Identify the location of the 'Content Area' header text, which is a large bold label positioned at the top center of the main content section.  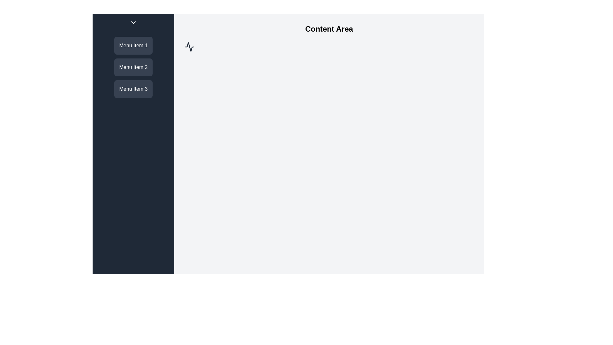
(329, 29).